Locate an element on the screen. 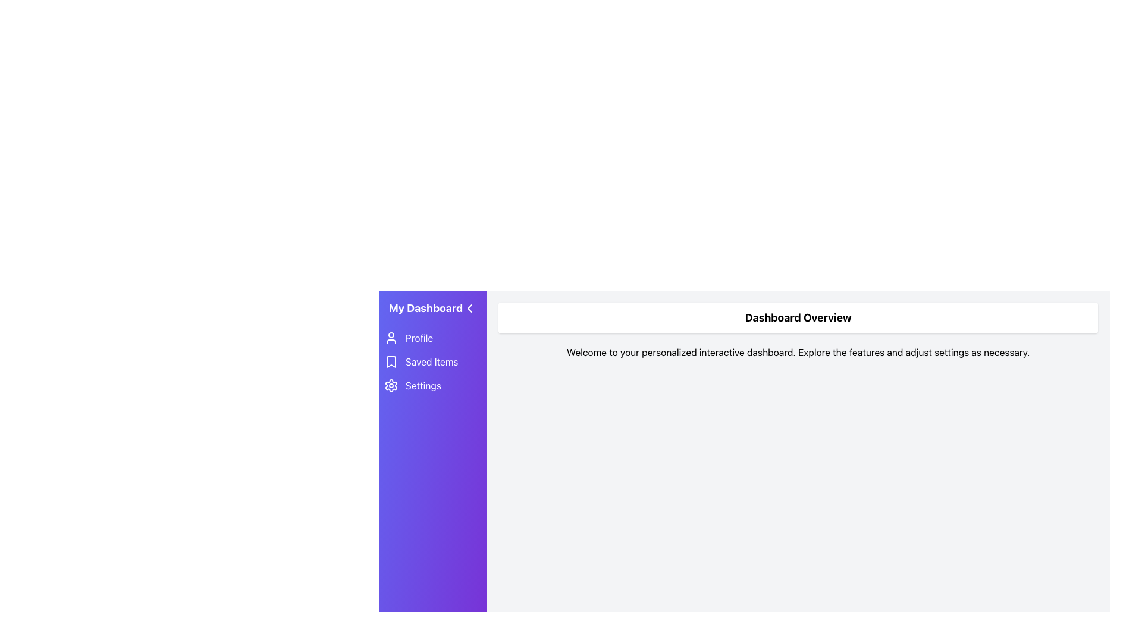  the text element displaying the message 'Welcome to your personalized interactive dashboard.' which is located directly beneath the 'Dashboard Overview' heading is located at coordinates (798, 352).